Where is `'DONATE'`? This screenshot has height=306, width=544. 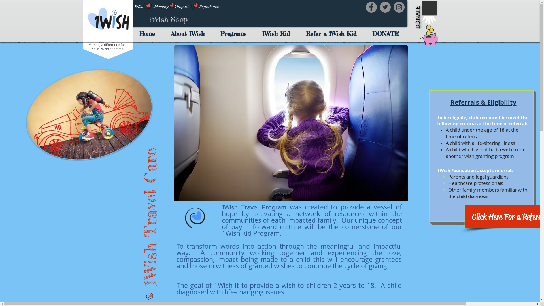 'DONATE' is located at coordinates (425, 9).